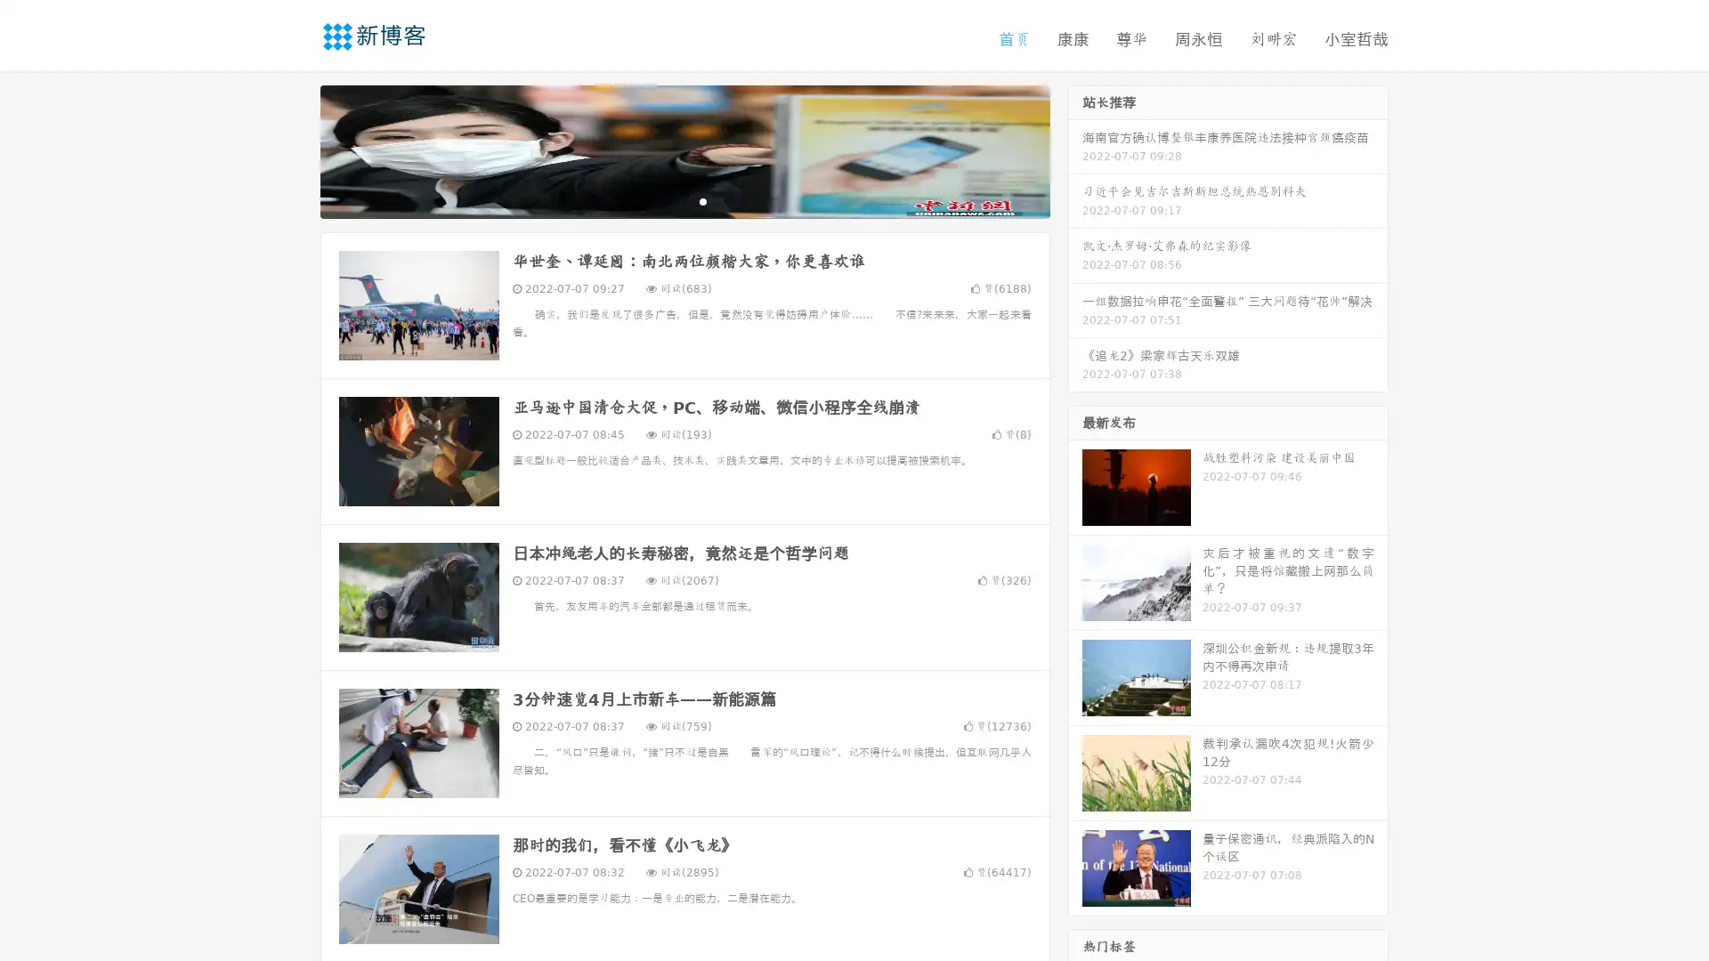  Describe the element at coordinates (666, 200) in the screenshot. I see `Go to slide 1` at that location.